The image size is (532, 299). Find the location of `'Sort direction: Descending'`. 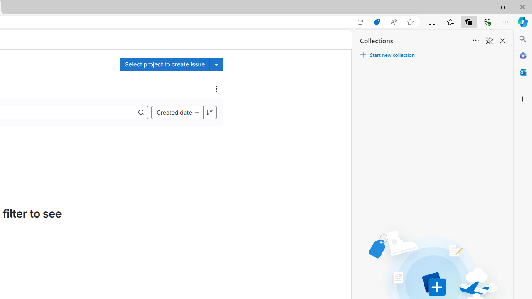

'Sort direction: Descending' is located at coordinates (209, 112).